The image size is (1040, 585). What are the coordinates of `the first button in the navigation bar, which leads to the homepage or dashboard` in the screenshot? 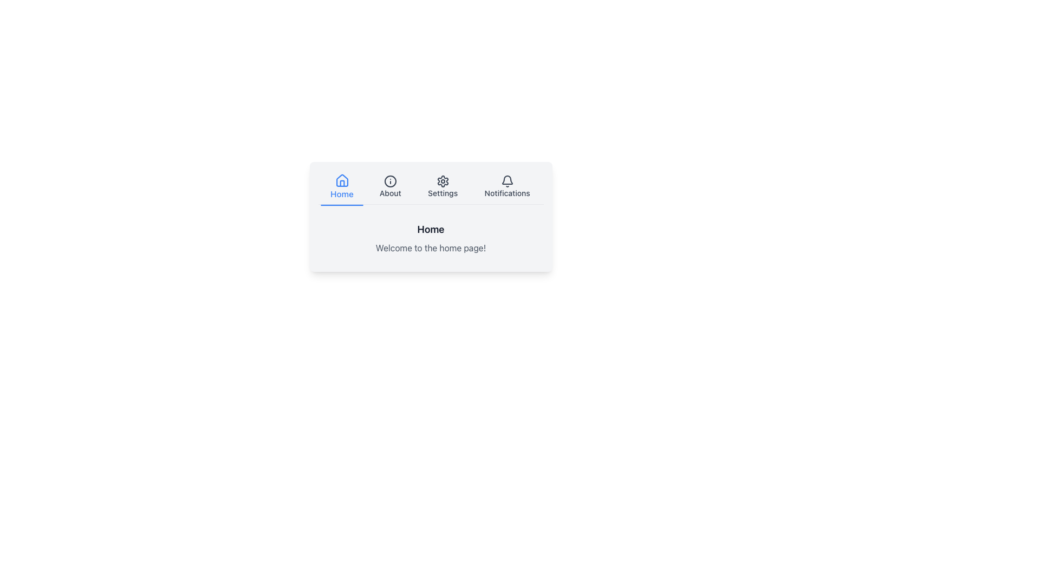 It's located at (341, 187).